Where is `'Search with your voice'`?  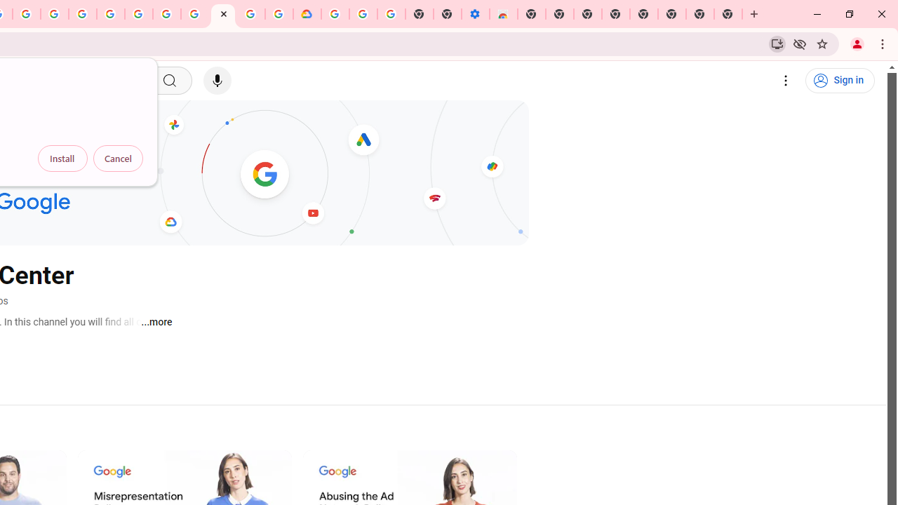
'Search with your voice' is located at coordinates (216, 81).